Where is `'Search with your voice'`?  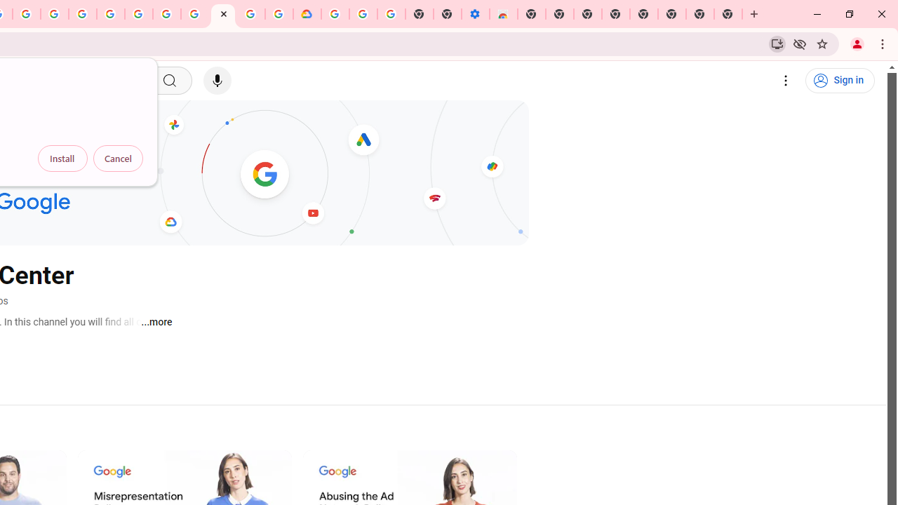
'Search with your voice' is located at coordinates (216, 81).